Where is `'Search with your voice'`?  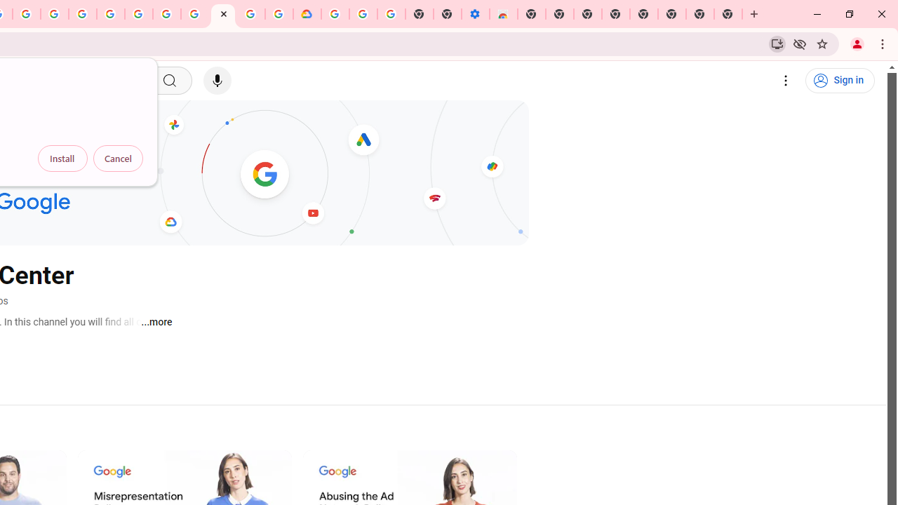
'Search with your voice' is located at coordinates (216, 81).